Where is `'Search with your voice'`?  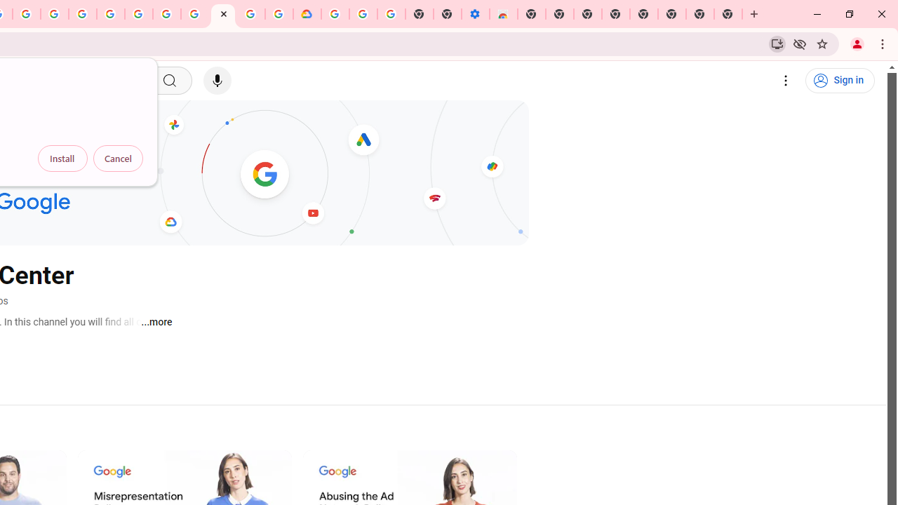
'Search with your voice' is located at coordinates (216, 81).